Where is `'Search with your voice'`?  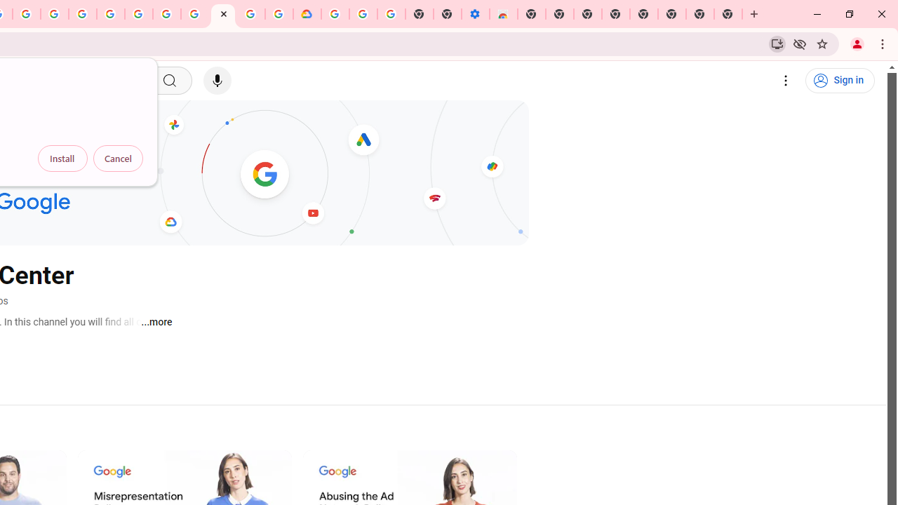
'Search with your voice' is located at coordinates (216, 81).